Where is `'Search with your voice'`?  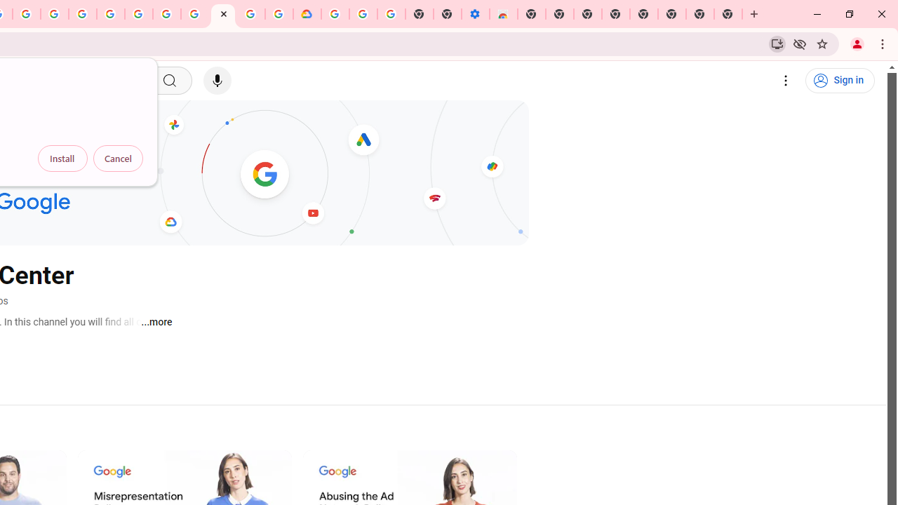
'Search with your voice' is located at coordinates (216, 81).